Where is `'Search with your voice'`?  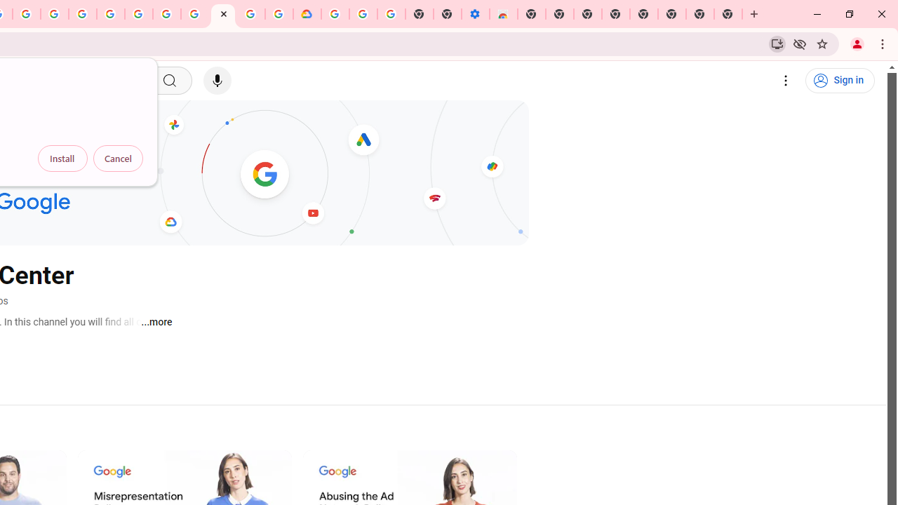
'Search with your voice' is located at coordinates (216, 81).